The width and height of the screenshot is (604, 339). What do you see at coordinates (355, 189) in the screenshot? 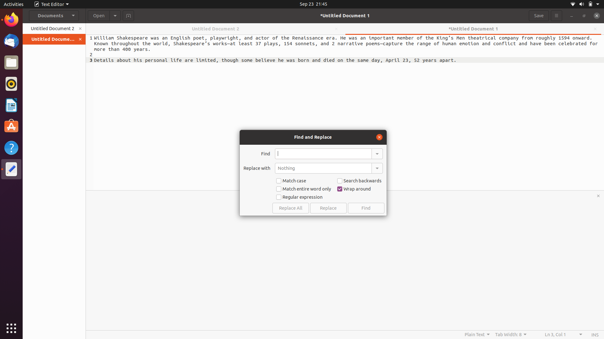
I see `Uncheck the box for the wrap around option in the find replace bar` at bounding box center [355, 189].